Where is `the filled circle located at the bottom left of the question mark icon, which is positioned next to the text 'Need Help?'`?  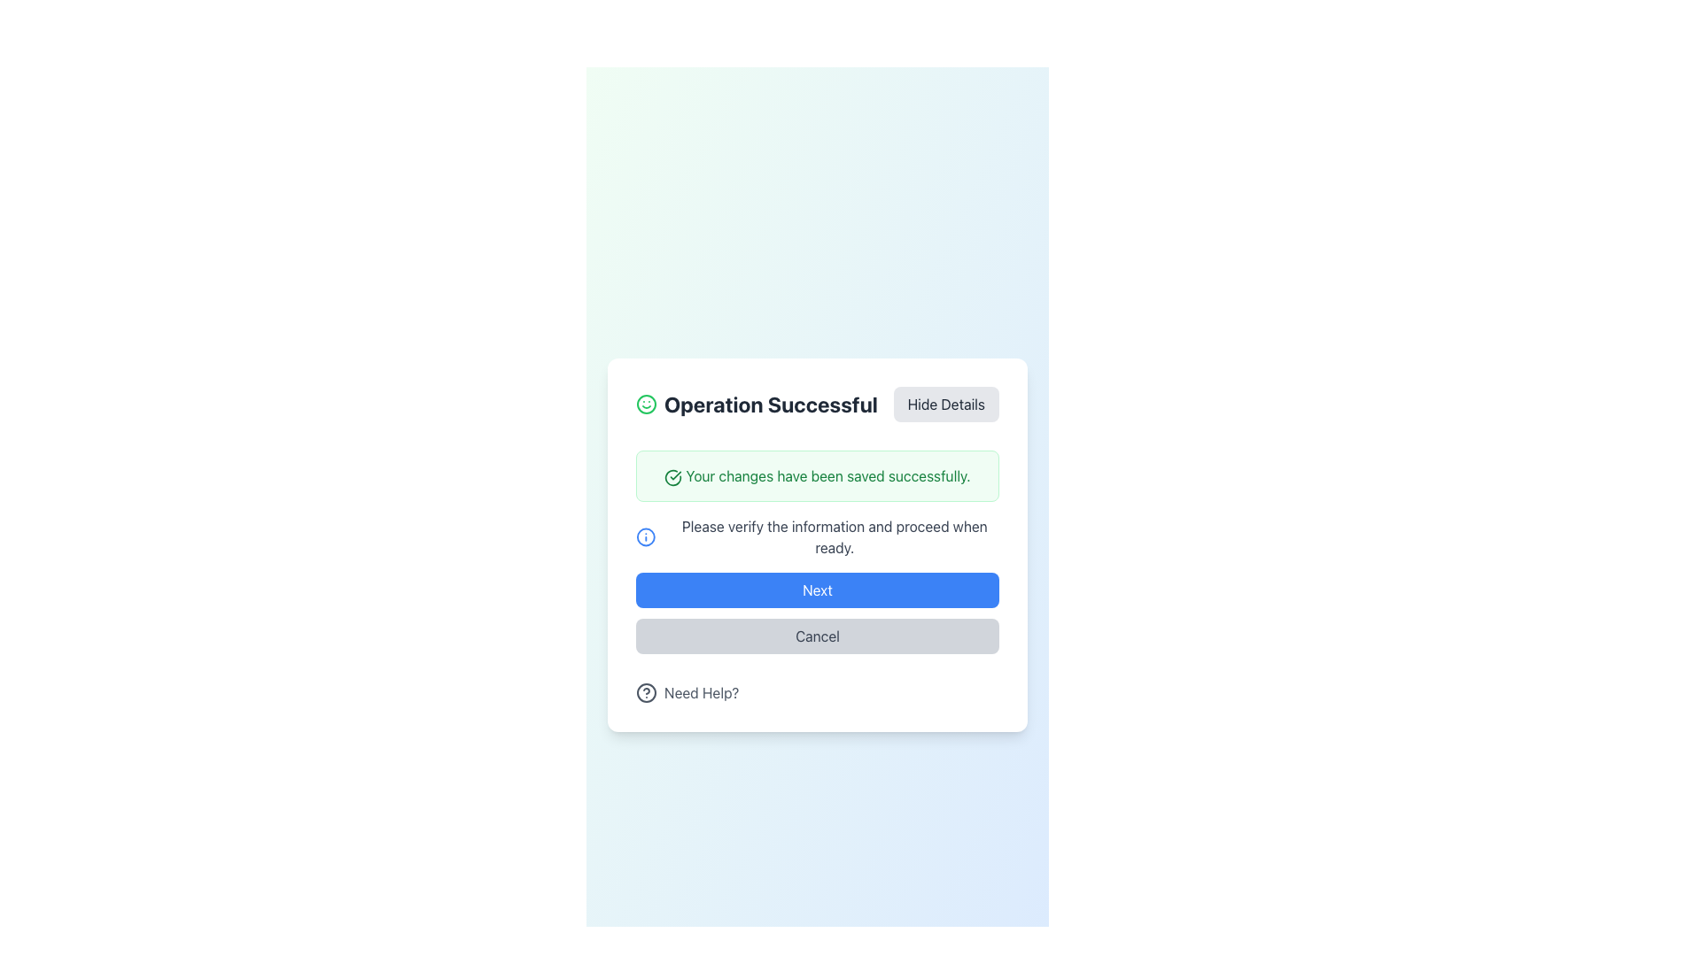
the filled circle located at the bottom left of the question mark icon, which is positioned next to the text 'Need Help?' is located at coordinates (645, 692).